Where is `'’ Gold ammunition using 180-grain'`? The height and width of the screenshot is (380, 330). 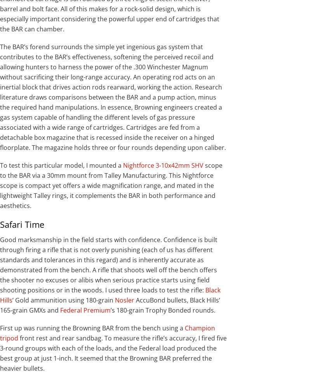 '’ Gold ammunition using 180-grain' is located at coordinates (12, 300).